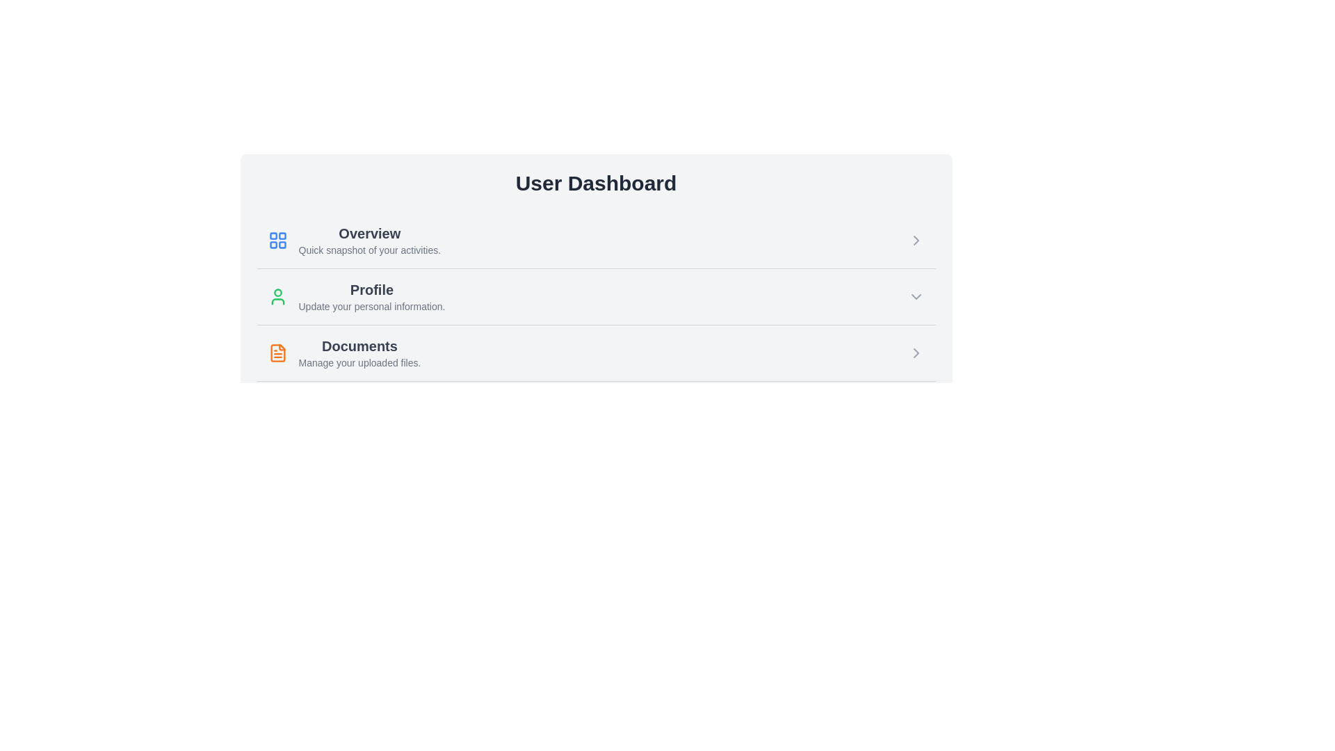 The image size is (1335, 751). Describe the element at coordinates (344, 353) in the screenshot. I see `the composite UI component that features an orange document icon and the text 'Documents'` at that location.